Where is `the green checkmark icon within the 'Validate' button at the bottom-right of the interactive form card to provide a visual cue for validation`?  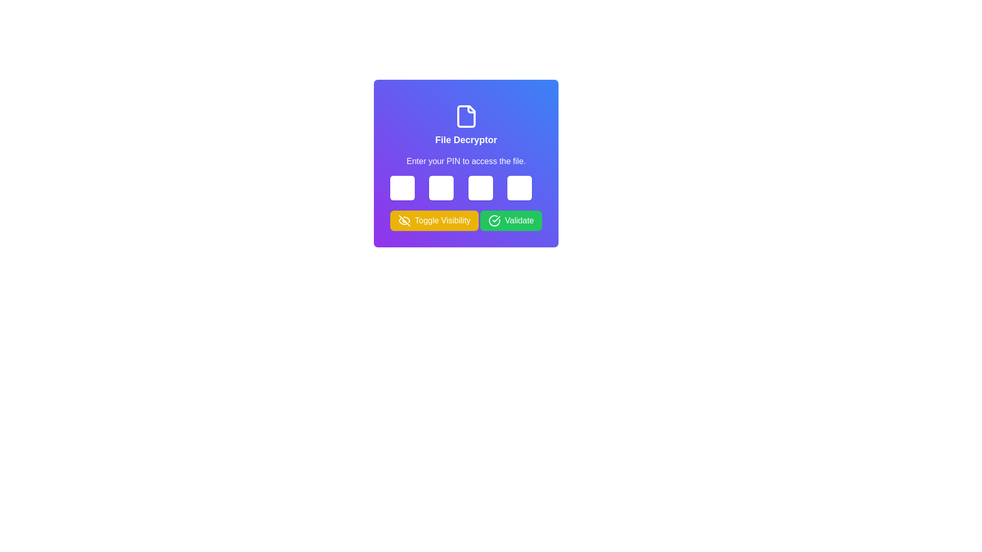 the green checkmark icon within the 'Validate' button at the bottom-right of the interactive form card to provide a visual cue for validation is located at coordinates (496, 218).